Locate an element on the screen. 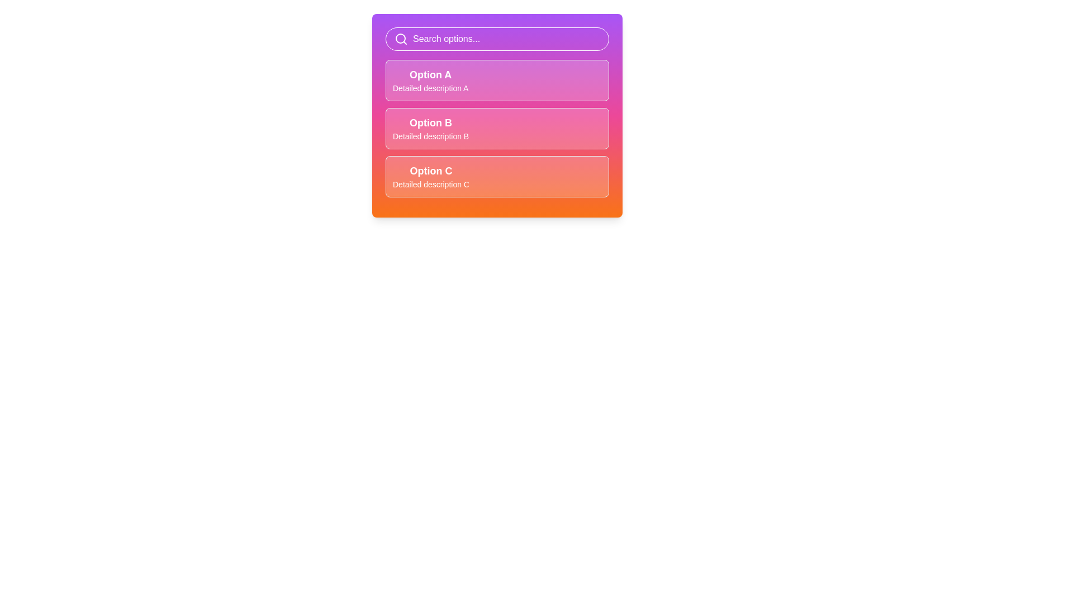  details of the second item in the selectable list, located beneath 'Option A' and above 'Option C' within the panel in the upper right portion of the interface is located at coordinates (430, 128).